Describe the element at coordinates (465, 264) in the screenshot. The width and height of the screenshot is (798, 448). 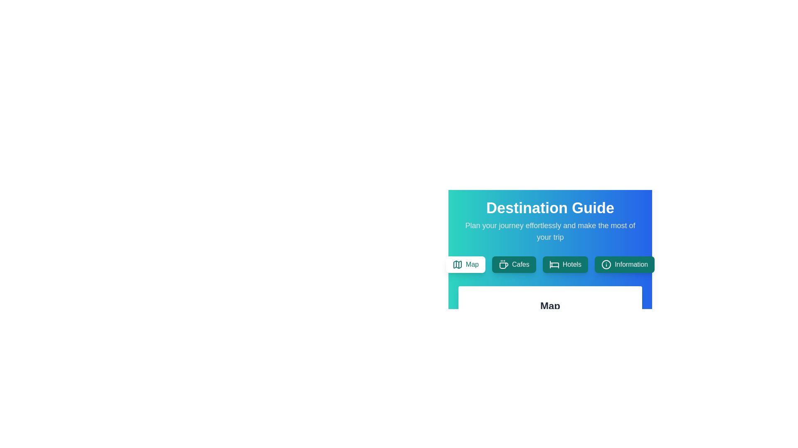
I see `the Map tab` at that location.